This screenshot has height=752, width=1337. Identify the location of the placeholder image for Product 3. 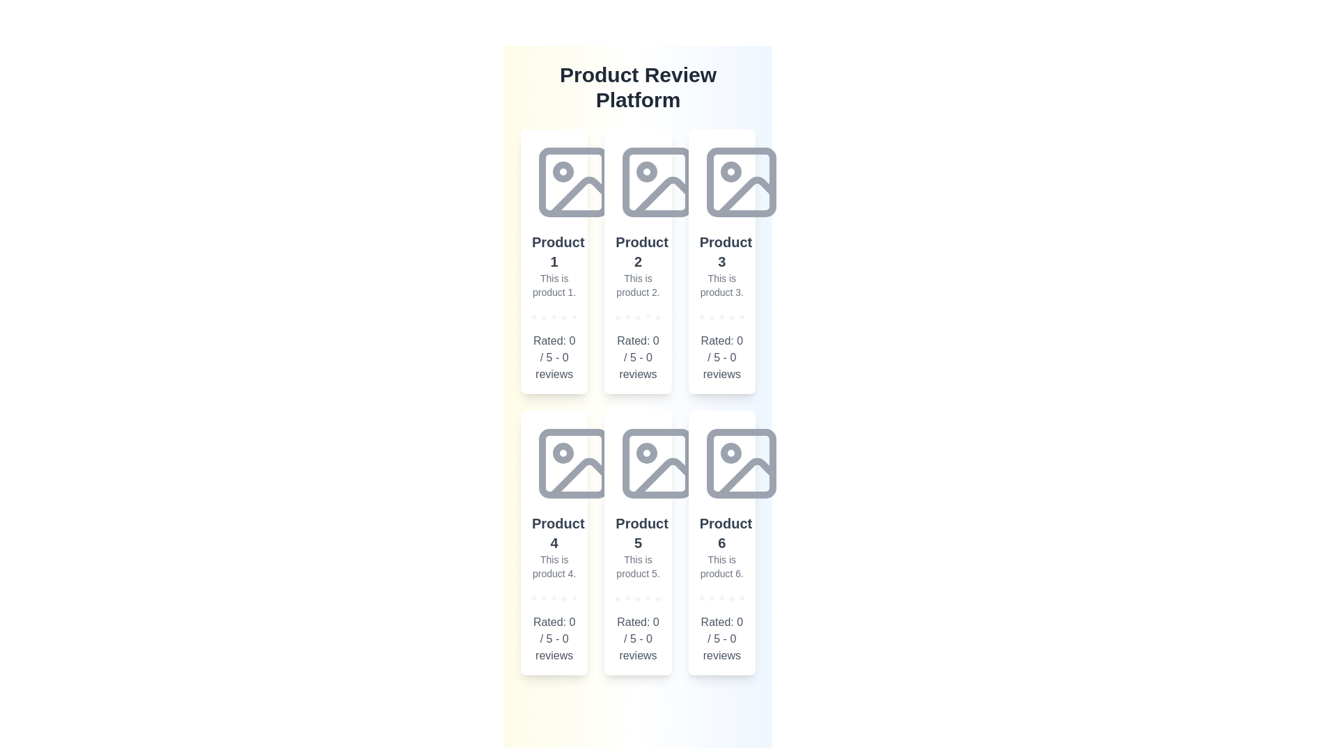
(740, 182).